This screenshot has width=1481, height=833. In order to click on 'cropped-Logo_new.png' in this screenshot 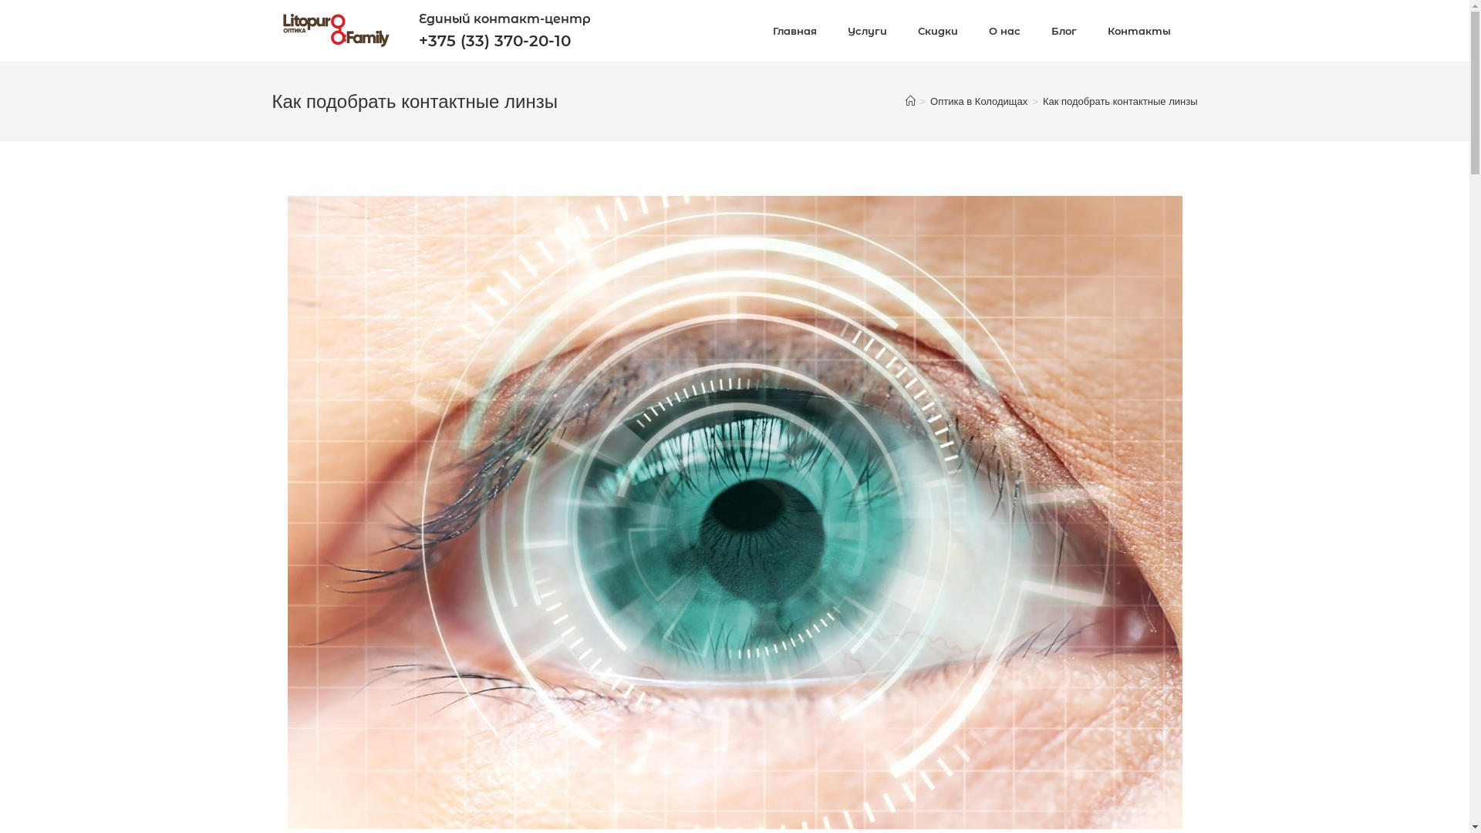, I will do `click(334, 30)`.